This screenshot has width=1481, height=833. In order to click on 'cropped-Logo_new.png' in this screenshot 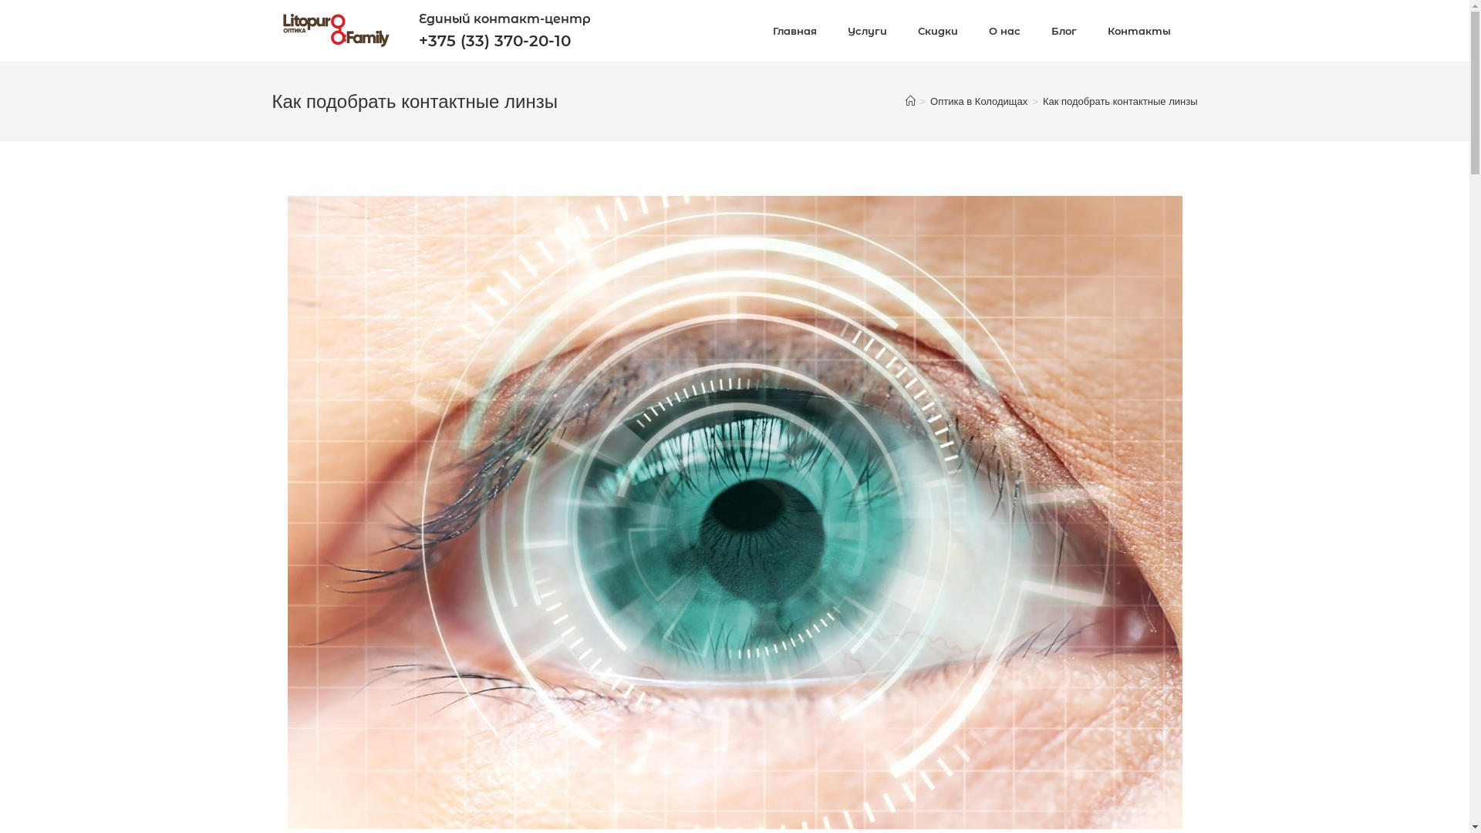, I will do `click(334, 30)`.